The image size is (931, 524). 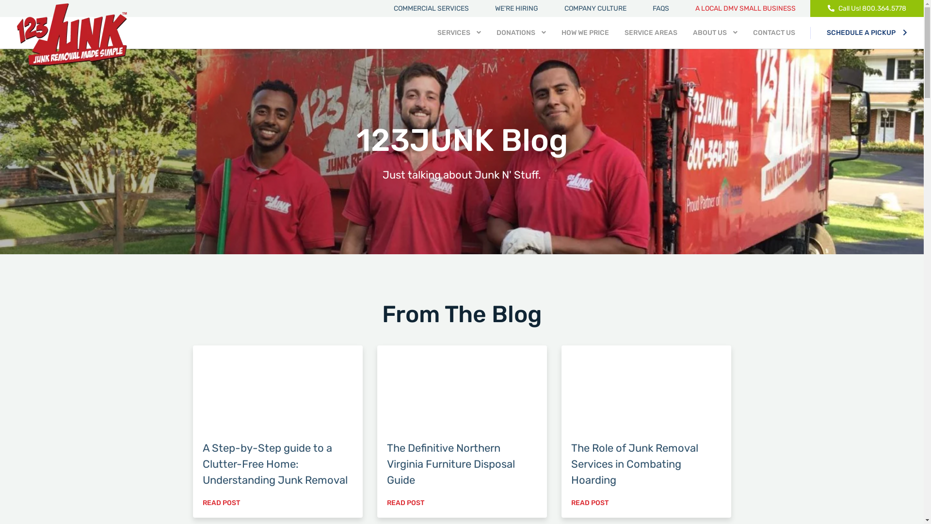 I want to click on 'Call Us! 800.364.5778', so click(x=867, y=8).